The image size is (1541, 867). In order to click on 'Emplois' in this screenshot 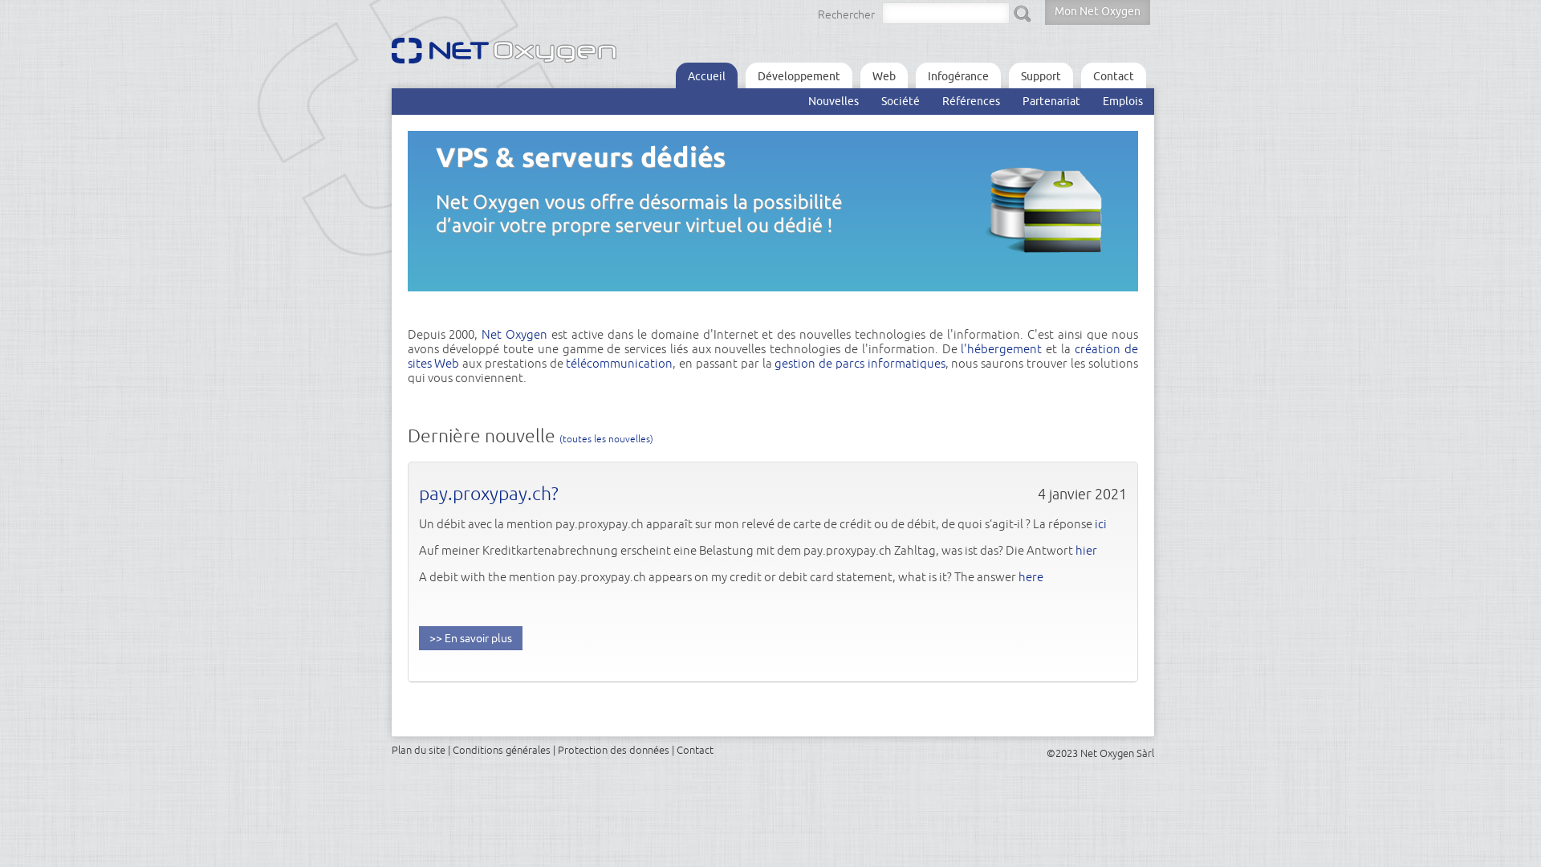, I will do `click(1121, 101)`.